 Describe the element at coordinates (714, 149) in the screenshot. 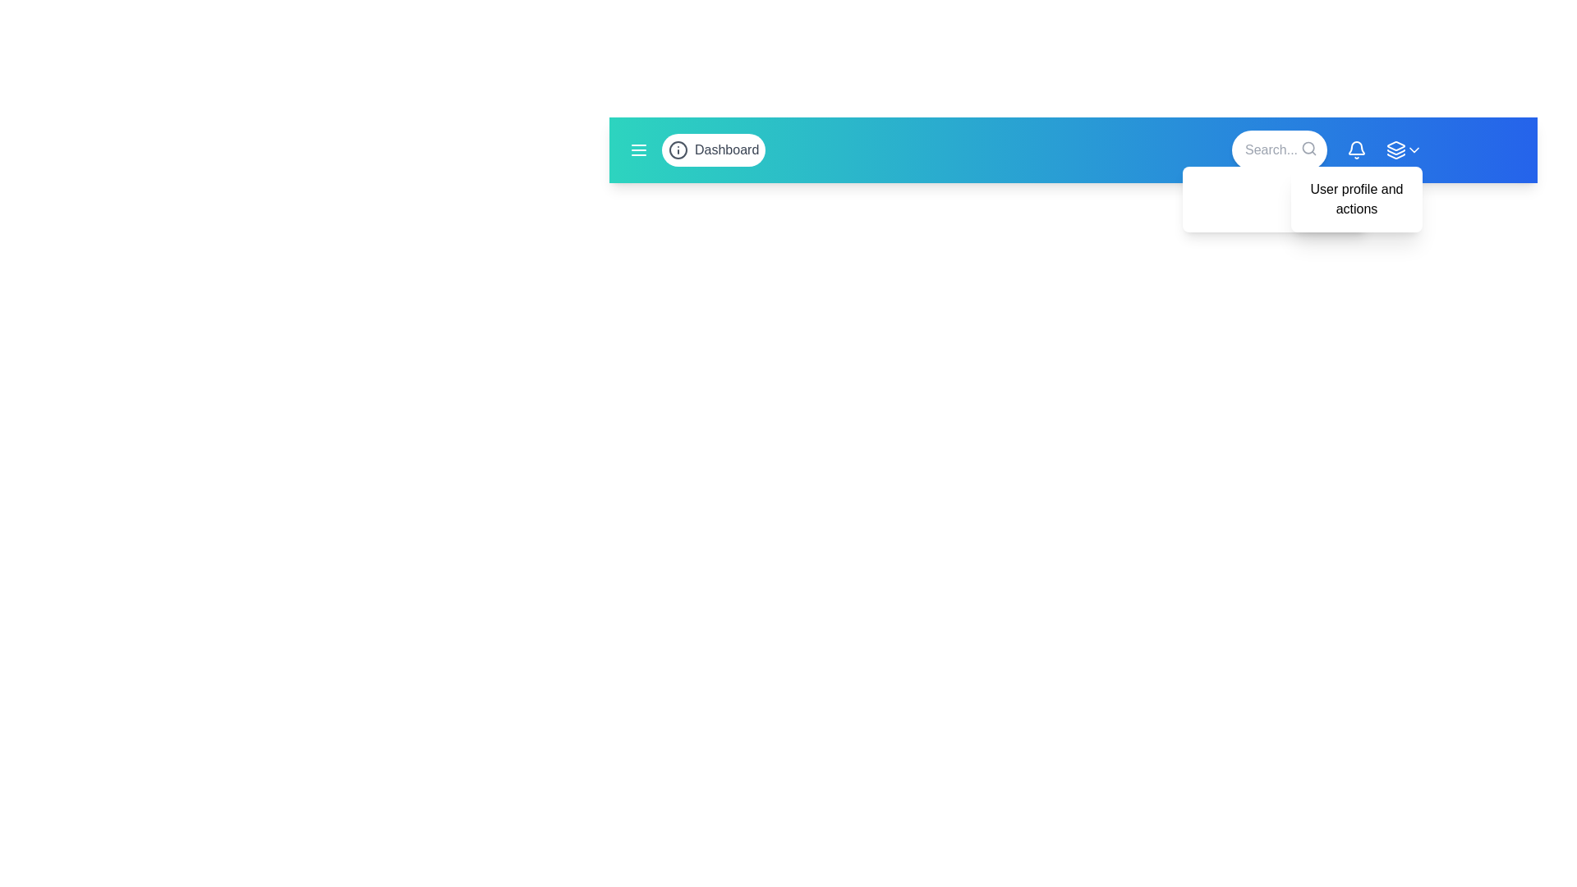

I see `the 'Dashboard' navigation button located at the upper-left corner of the interface, adjacent to the menu icon` at that location.